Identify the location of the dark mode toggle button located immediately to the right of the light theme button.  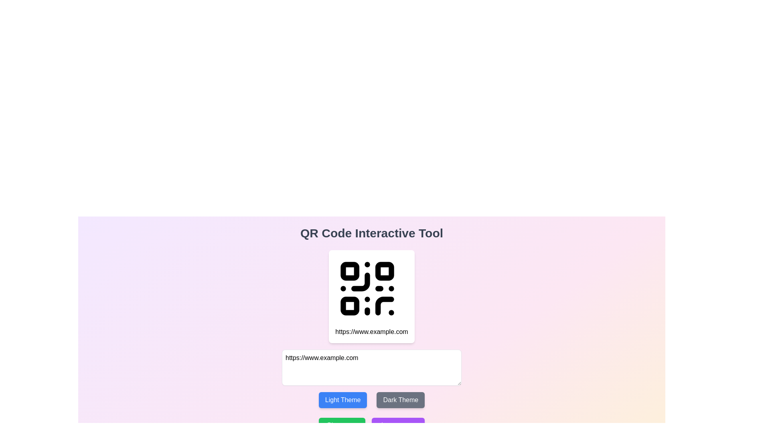
(401, 400).